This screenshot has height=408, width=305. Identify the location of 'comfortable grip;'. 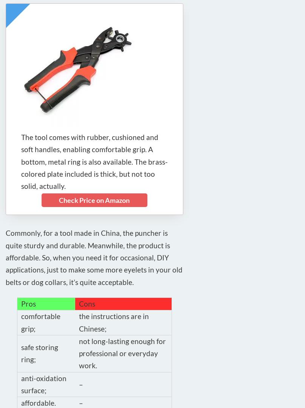
(40, 322).